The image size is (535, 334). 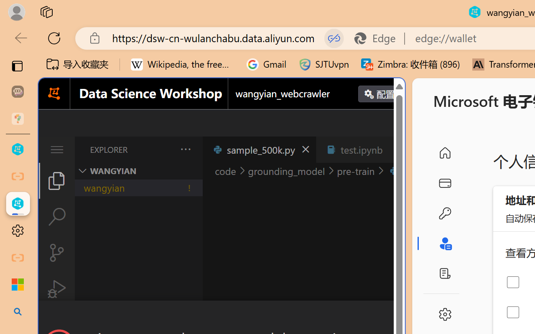 I want to click on 'Run and Debug (Ctrl+Shift+D)', so click(x=56, y=289).